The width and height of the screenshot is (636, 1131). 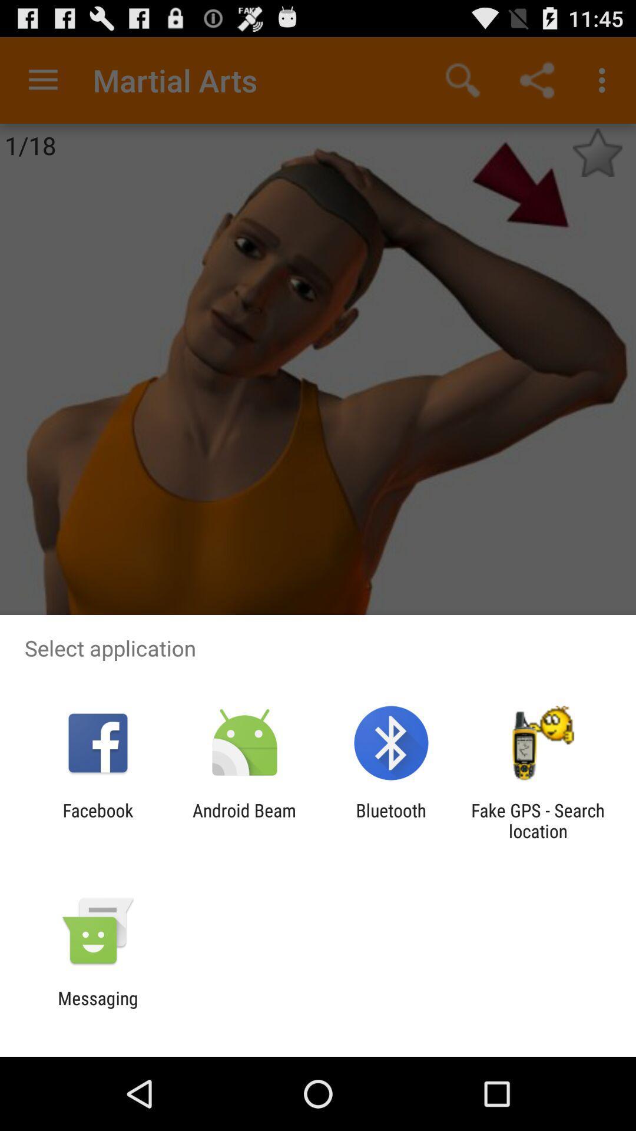 What do you see at coordinates (391, 820) in the screenshot?
I see `app next to fake gps search app` at bounding box center [391, 820].